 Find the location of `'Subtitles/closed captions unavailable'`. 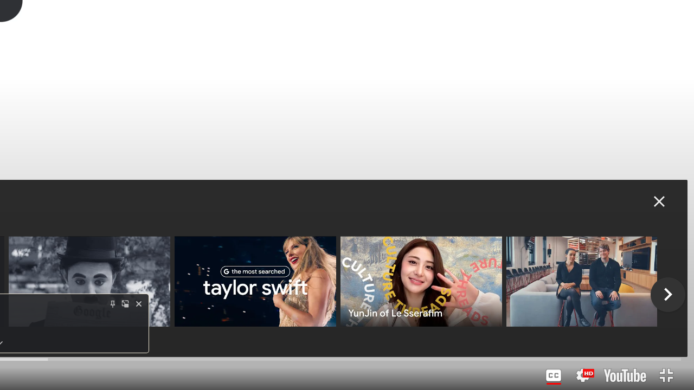

'Subtitles/closed captions unavailable' is located at coordinates (554, 375).